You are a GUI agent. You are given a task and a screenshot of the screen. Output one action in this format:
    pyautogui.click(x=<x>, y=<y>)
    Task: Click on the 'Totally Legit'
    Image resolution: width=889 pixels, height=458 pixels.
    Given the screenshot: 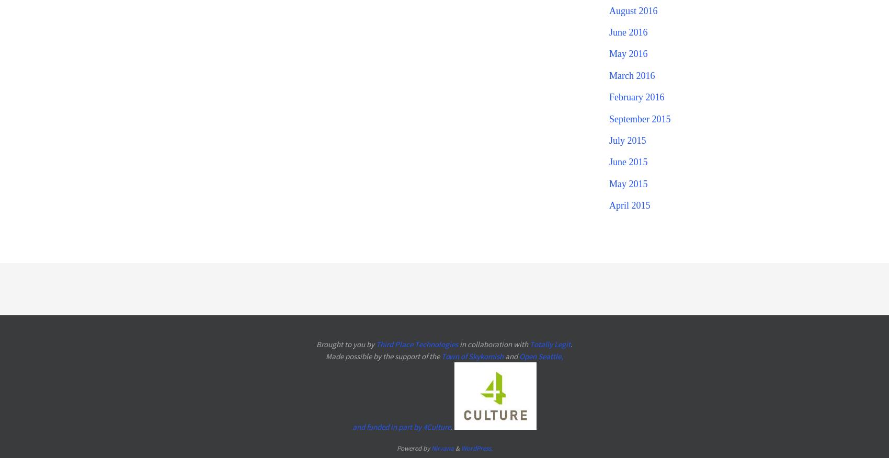 What is the action you would take?
    pyautogui.click(x=549, y=344)
    